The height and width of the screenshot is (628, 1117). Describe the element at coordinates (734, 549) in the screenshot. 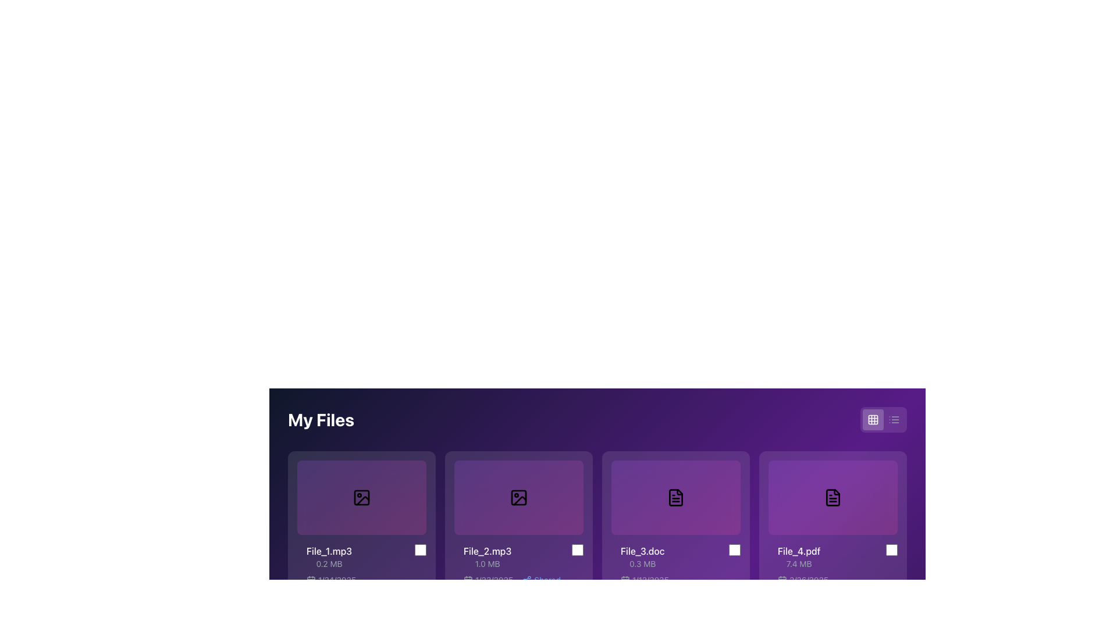

I see `the checkbox located at the bottom-right of the card displaying 'File_3.doc (0.3 MB)'` at that location.